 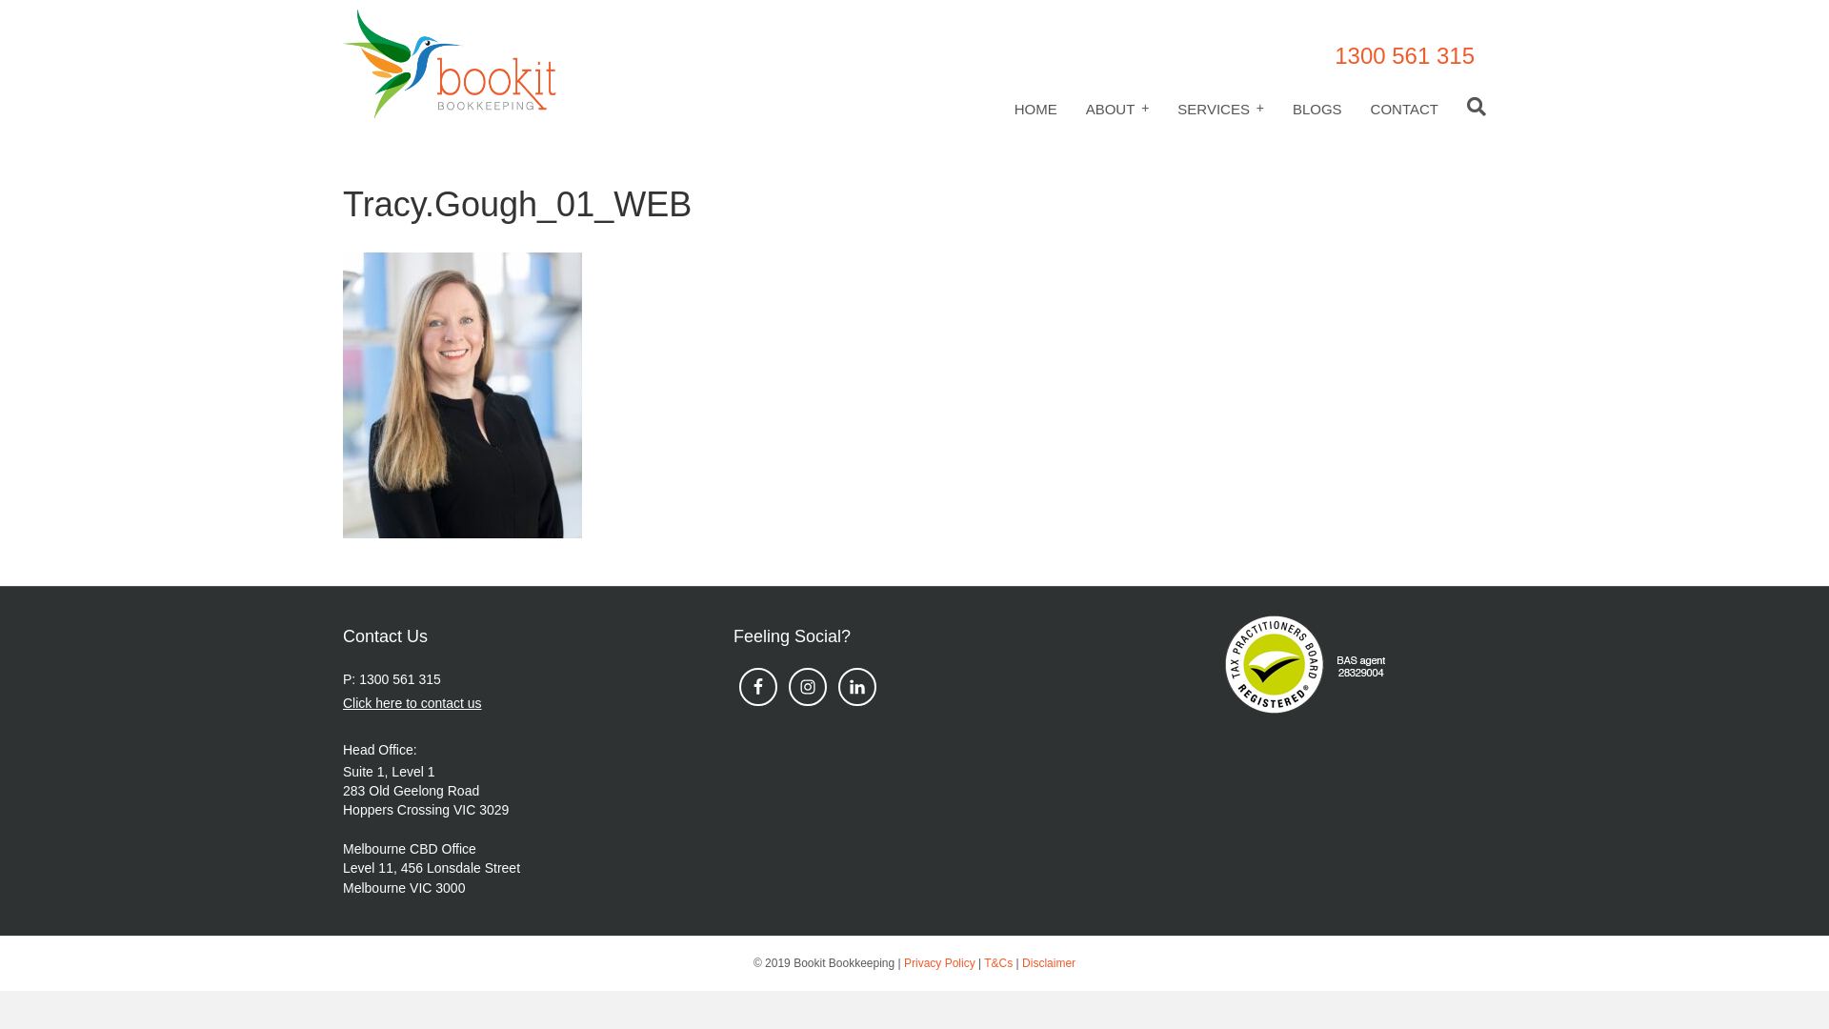 I want to click on 'CONTACT', so click(x=1356, y=109).